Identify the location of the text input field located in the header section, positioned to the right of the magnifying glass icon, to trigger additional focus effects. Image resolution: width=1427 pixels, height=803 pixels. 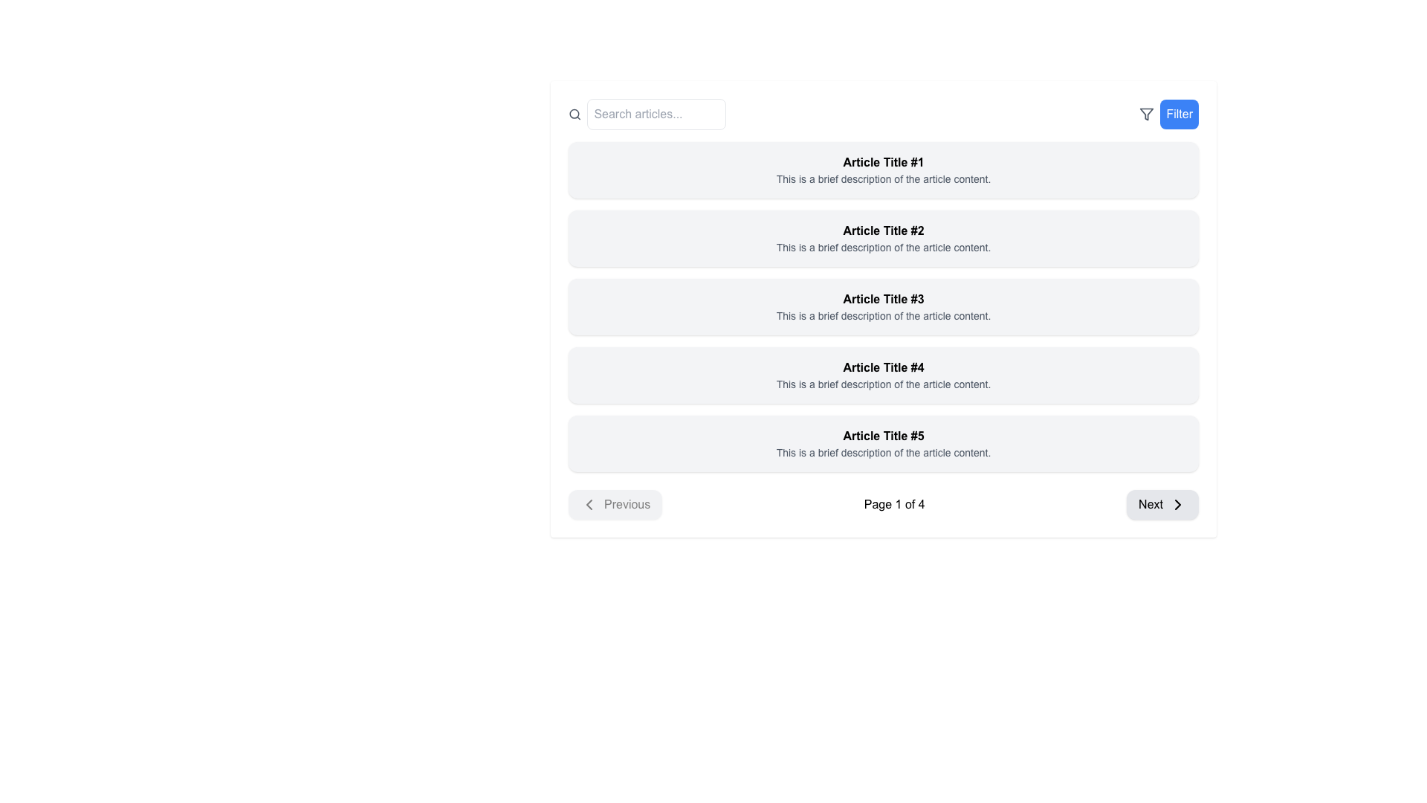
(656, 114).